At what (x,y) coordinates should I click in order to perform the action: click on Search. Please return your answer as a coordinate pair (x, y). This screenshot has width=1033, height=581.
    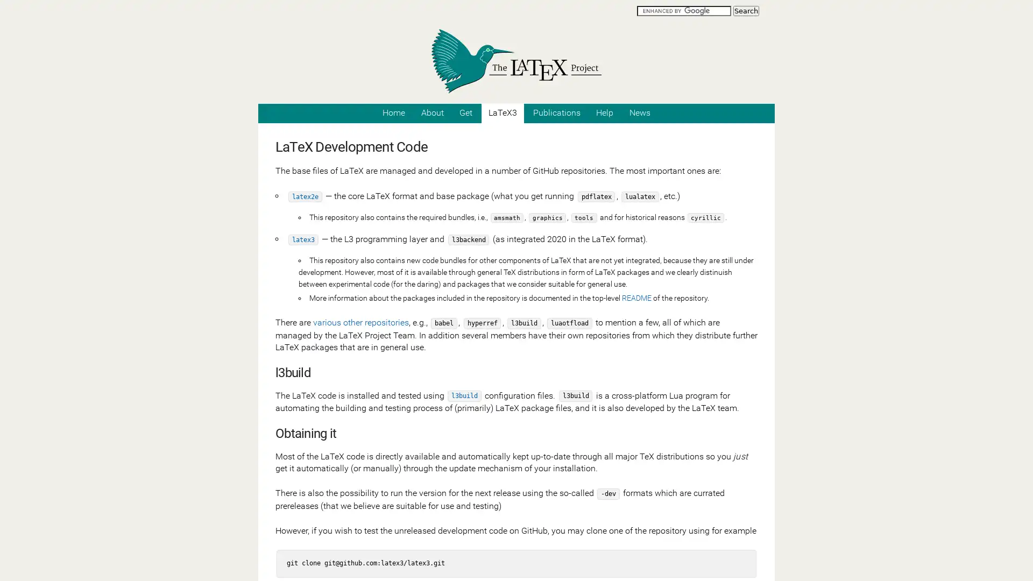
    Looking at the image, I should click on (746, 11).